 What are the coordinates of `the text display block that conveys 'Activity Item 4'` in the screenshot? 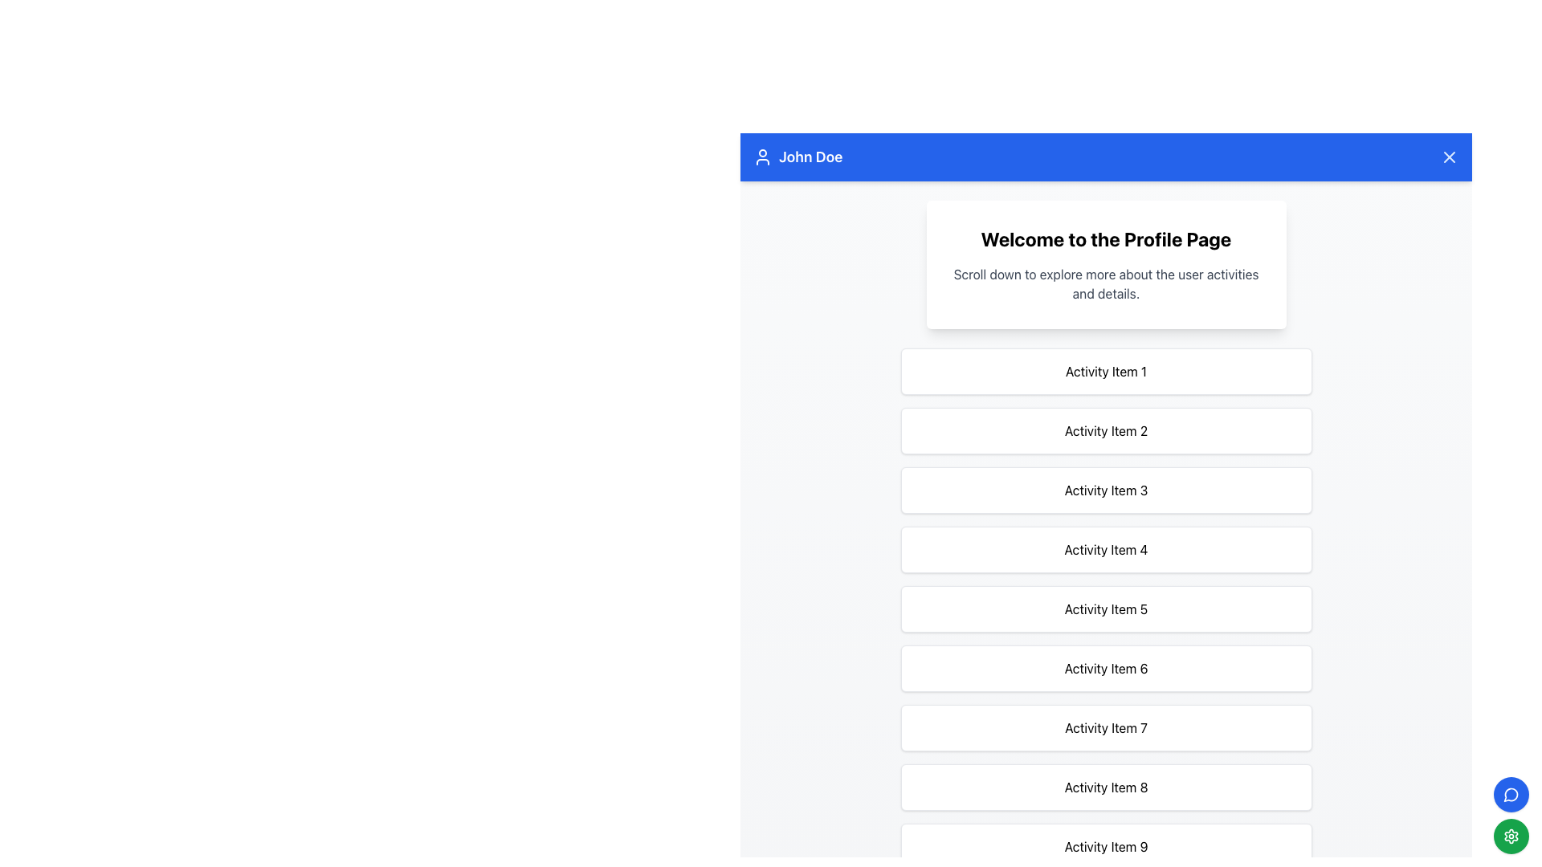 It's located at (1105, 549).